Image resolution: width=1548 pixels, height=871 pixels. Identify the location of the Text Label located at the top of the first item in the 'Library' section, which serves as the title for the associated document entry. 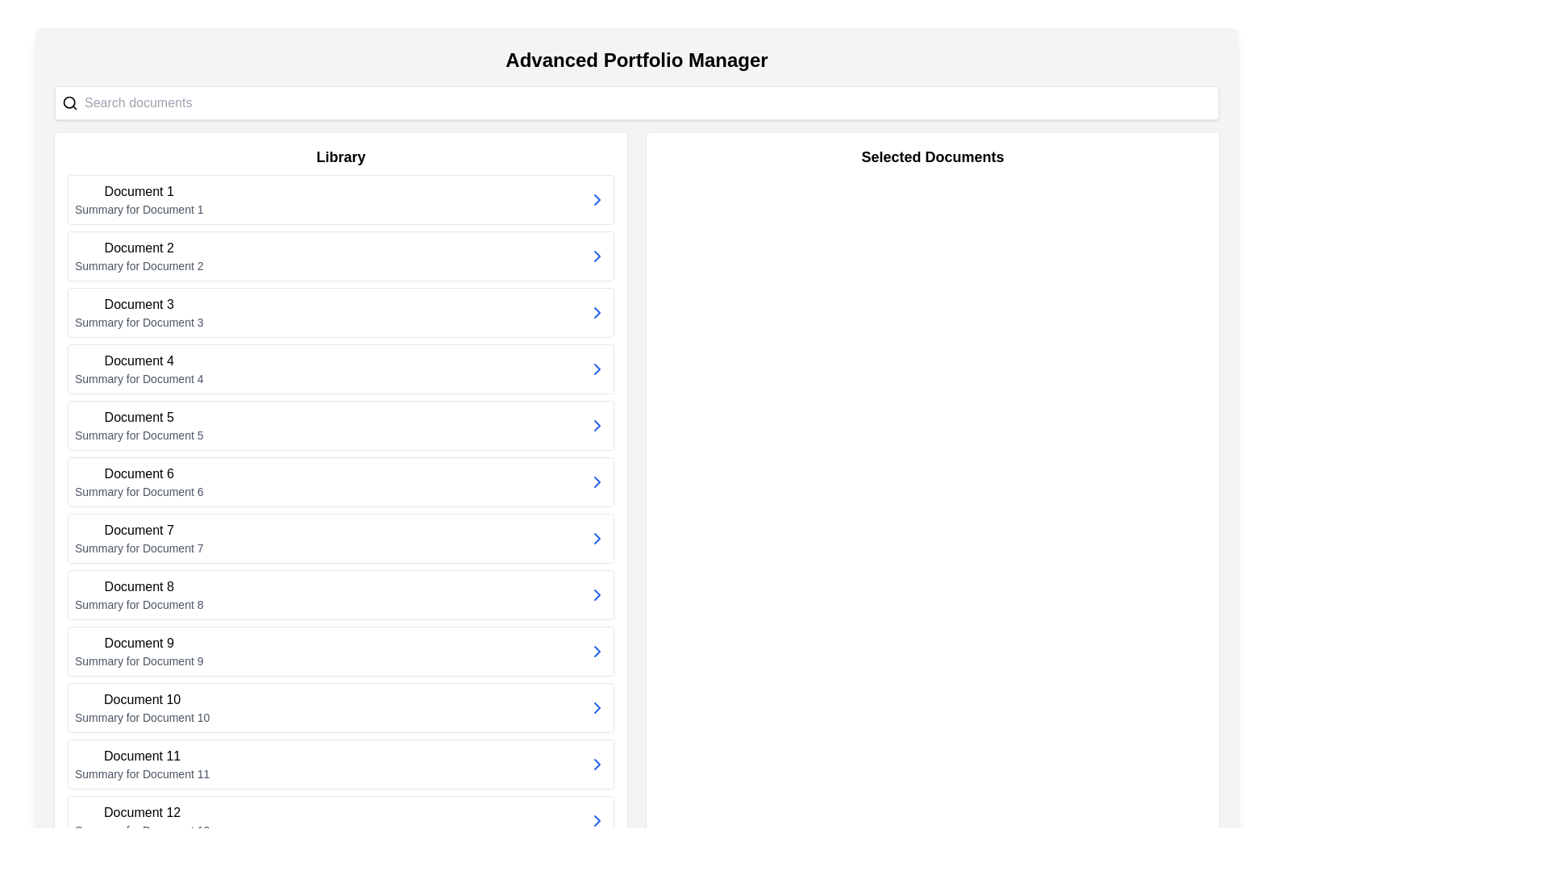
(139, 191).